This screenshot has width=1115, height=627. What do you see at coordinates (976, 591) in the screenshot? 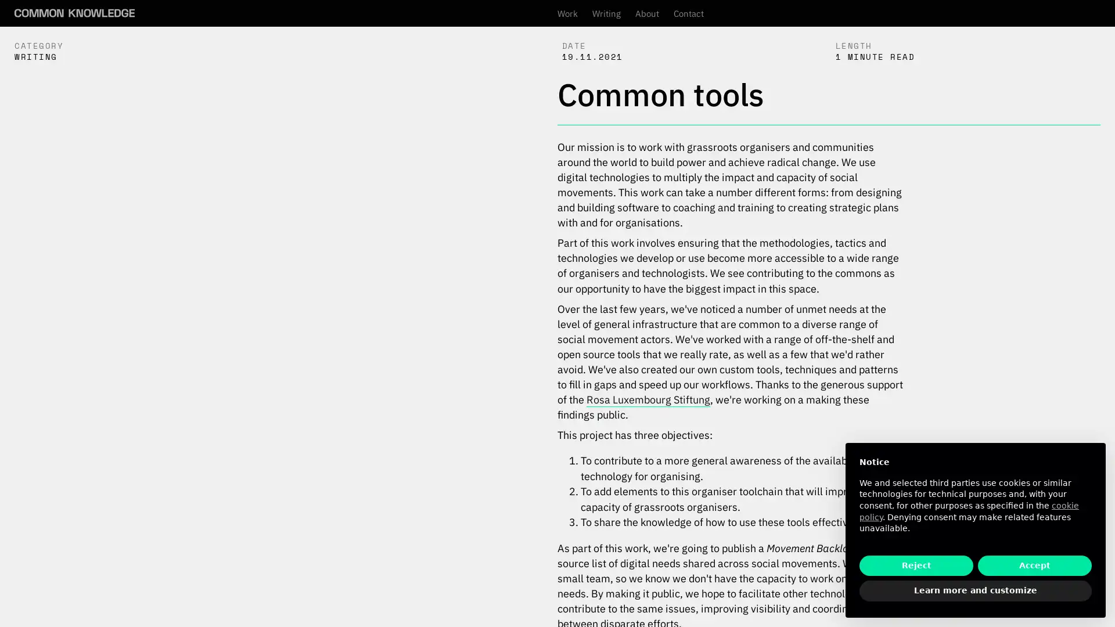
I see `Learn more and customize` at bounding box center [976, 591].